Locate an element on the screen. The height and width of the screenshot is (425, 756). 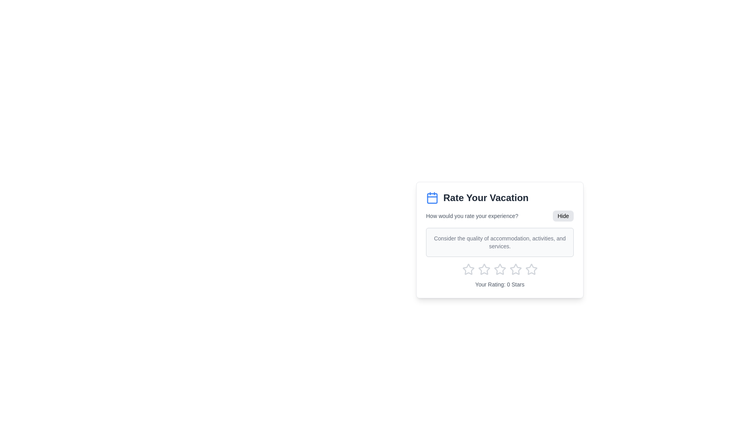
the text header 'Rate Your Vacation', which is styled in bold and large font, located above the phrase 'How would you rate your experience?' is located at coordinates (499, 197).